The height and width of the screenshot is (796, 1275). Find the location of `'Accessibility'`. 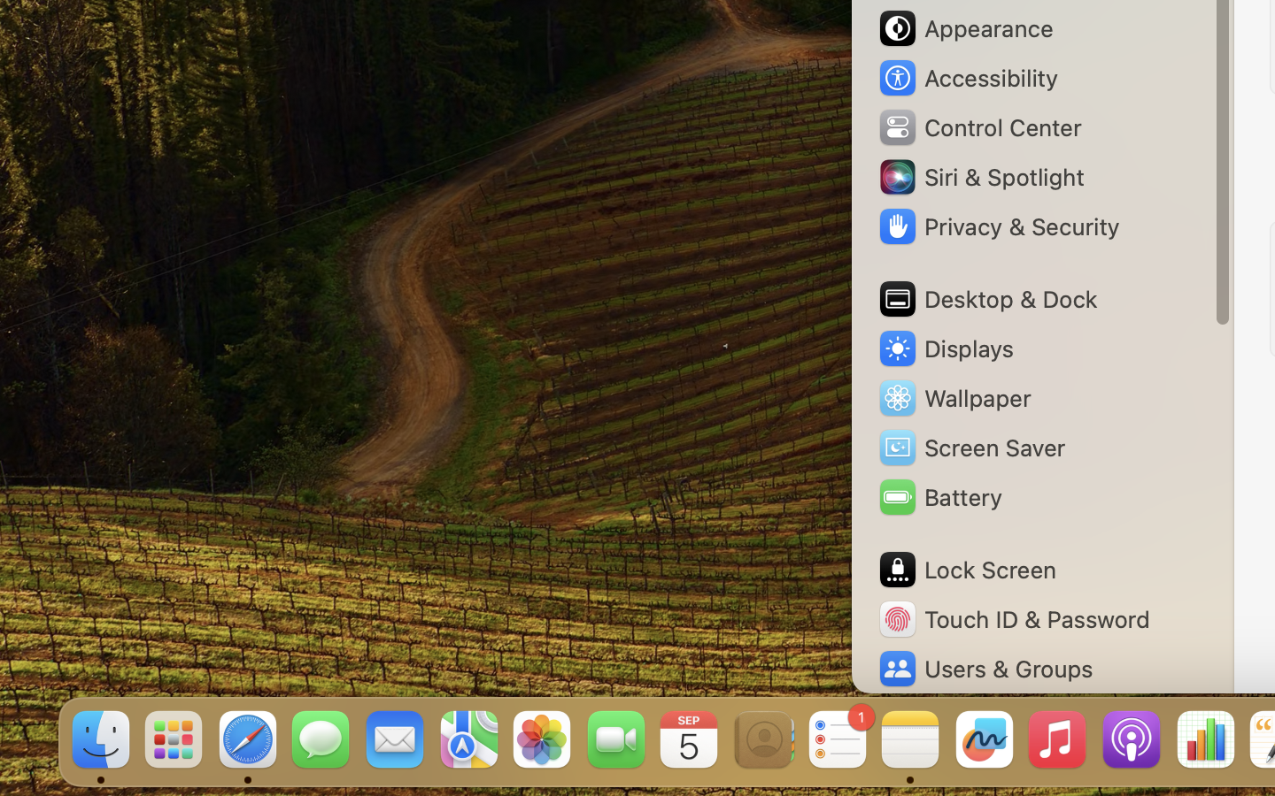

'Accessibility' is located at coordinates (966, 77).